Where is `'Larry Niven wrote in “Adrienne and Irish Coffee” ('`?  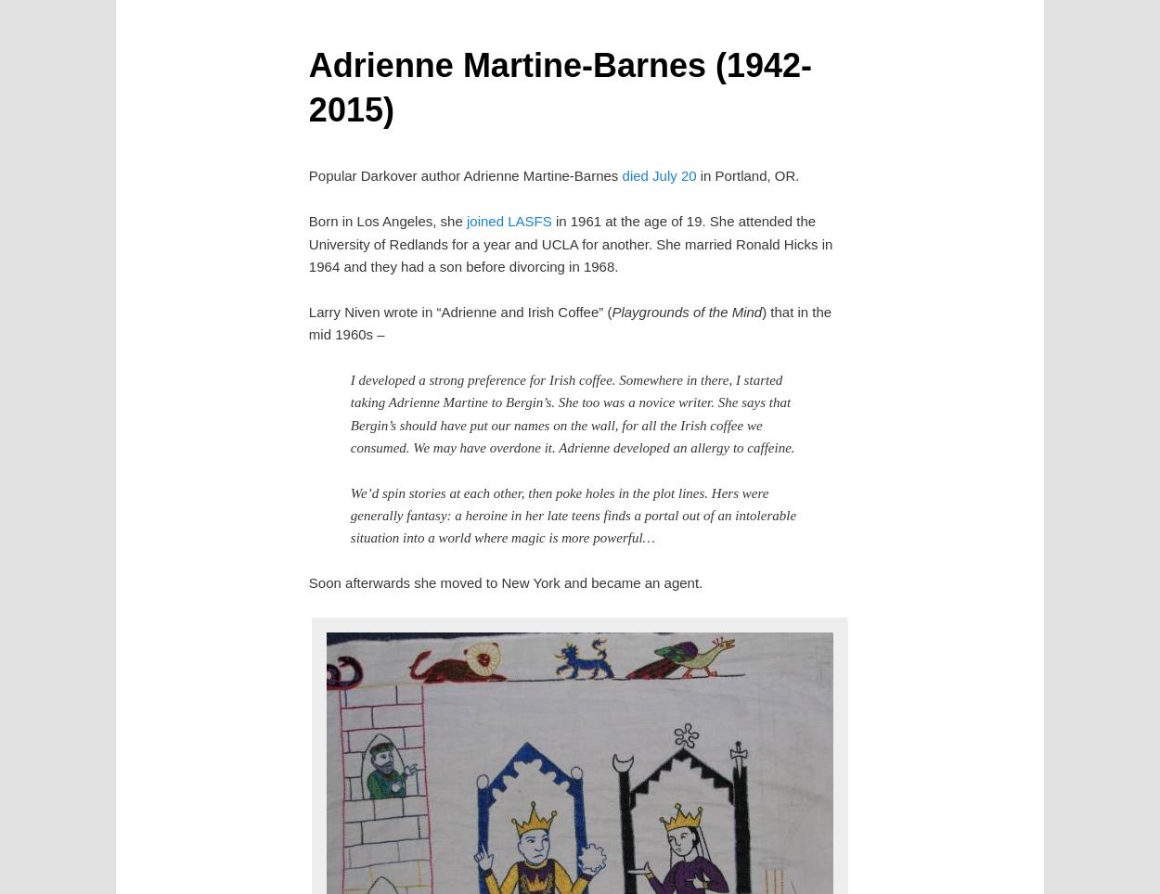
'Larry Niven wrote in “Adrienne and Irish Coffee” (' is located at coordinates (458, 310).